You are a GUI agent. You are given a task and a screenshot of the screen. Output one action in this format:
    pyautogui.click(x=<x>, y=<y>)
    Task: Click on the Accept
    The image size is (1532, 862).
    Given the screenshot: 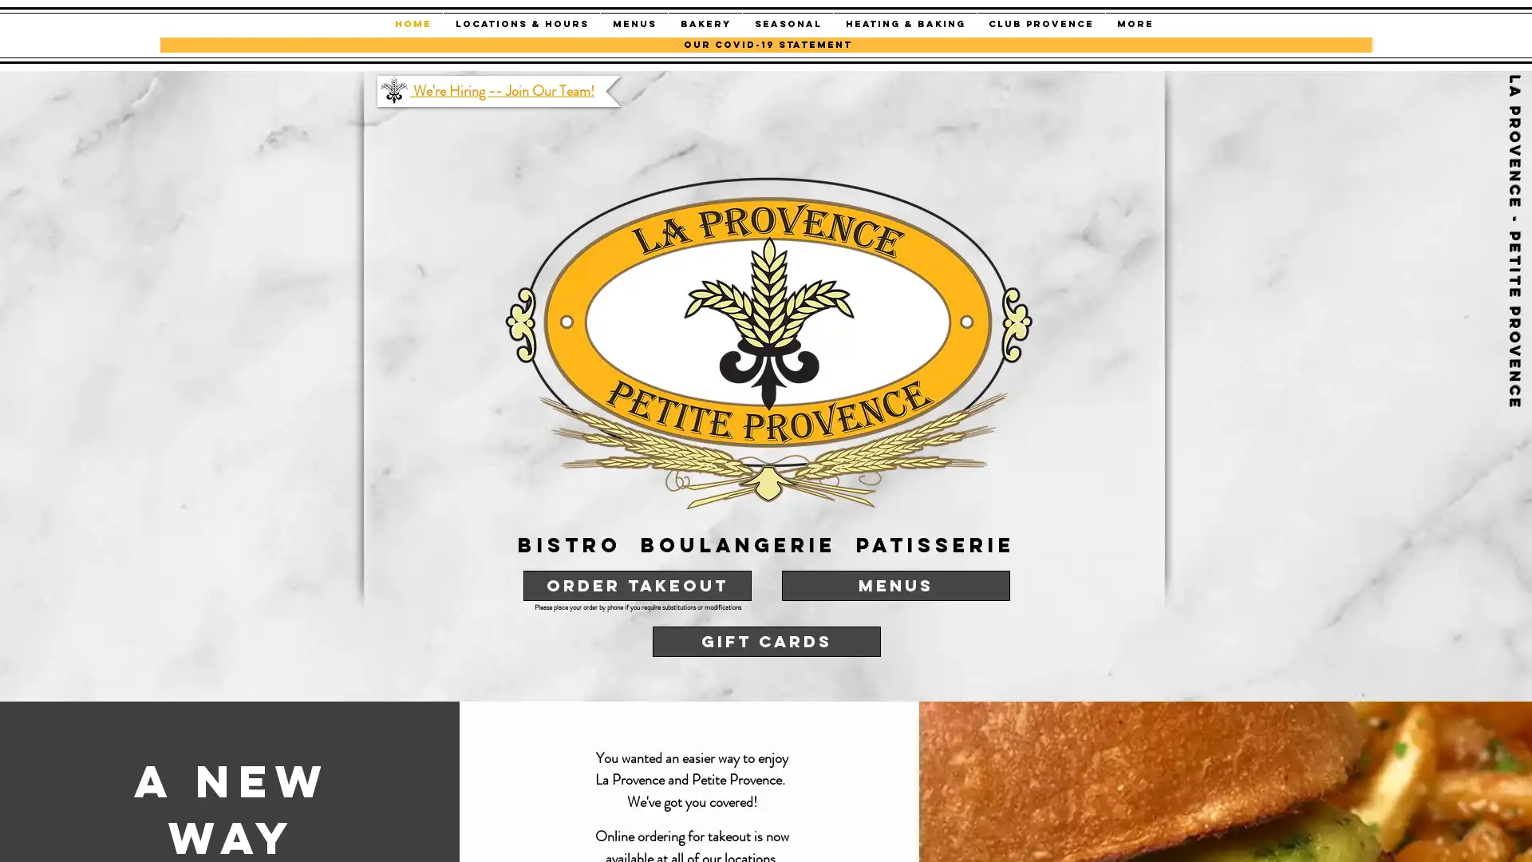 What is the action you would take?
    pyautogui.click(x=1460, y=833)
    